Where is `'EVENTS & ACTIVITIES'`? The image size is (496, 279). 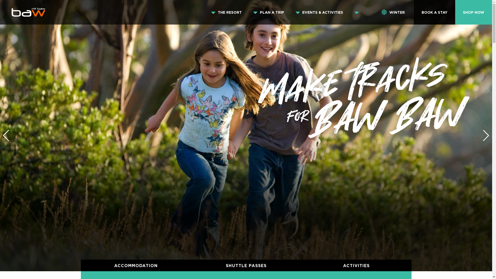
'EVENTS & ACTIVITIES' is located at coordinates (298, 12).